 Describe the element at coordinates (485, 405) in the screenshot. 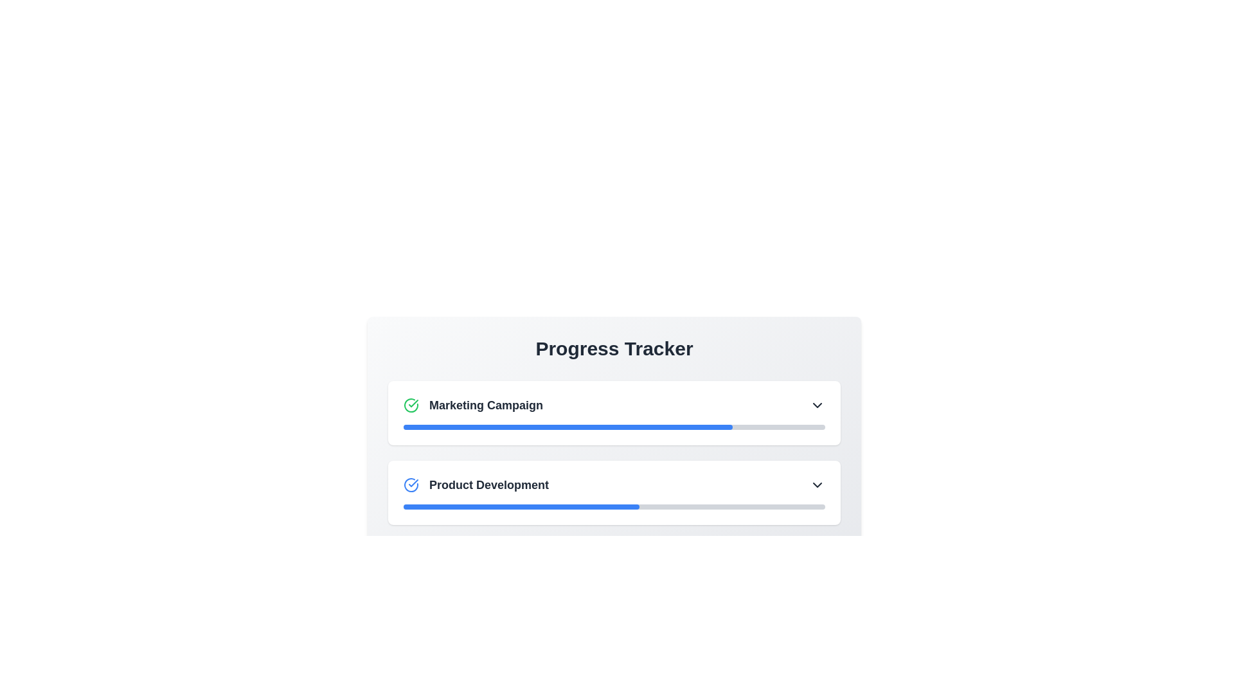

I see `the text label displaying 'Marketing Campaign', which is styled in bold dark gray and located within the first section of the Progress Tracker list` at that location.